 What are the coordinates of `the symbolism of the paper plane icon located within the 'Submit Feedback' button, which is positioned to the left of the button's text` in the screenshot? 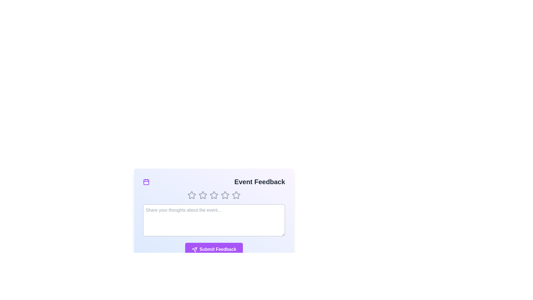 It's located at (194, 249).